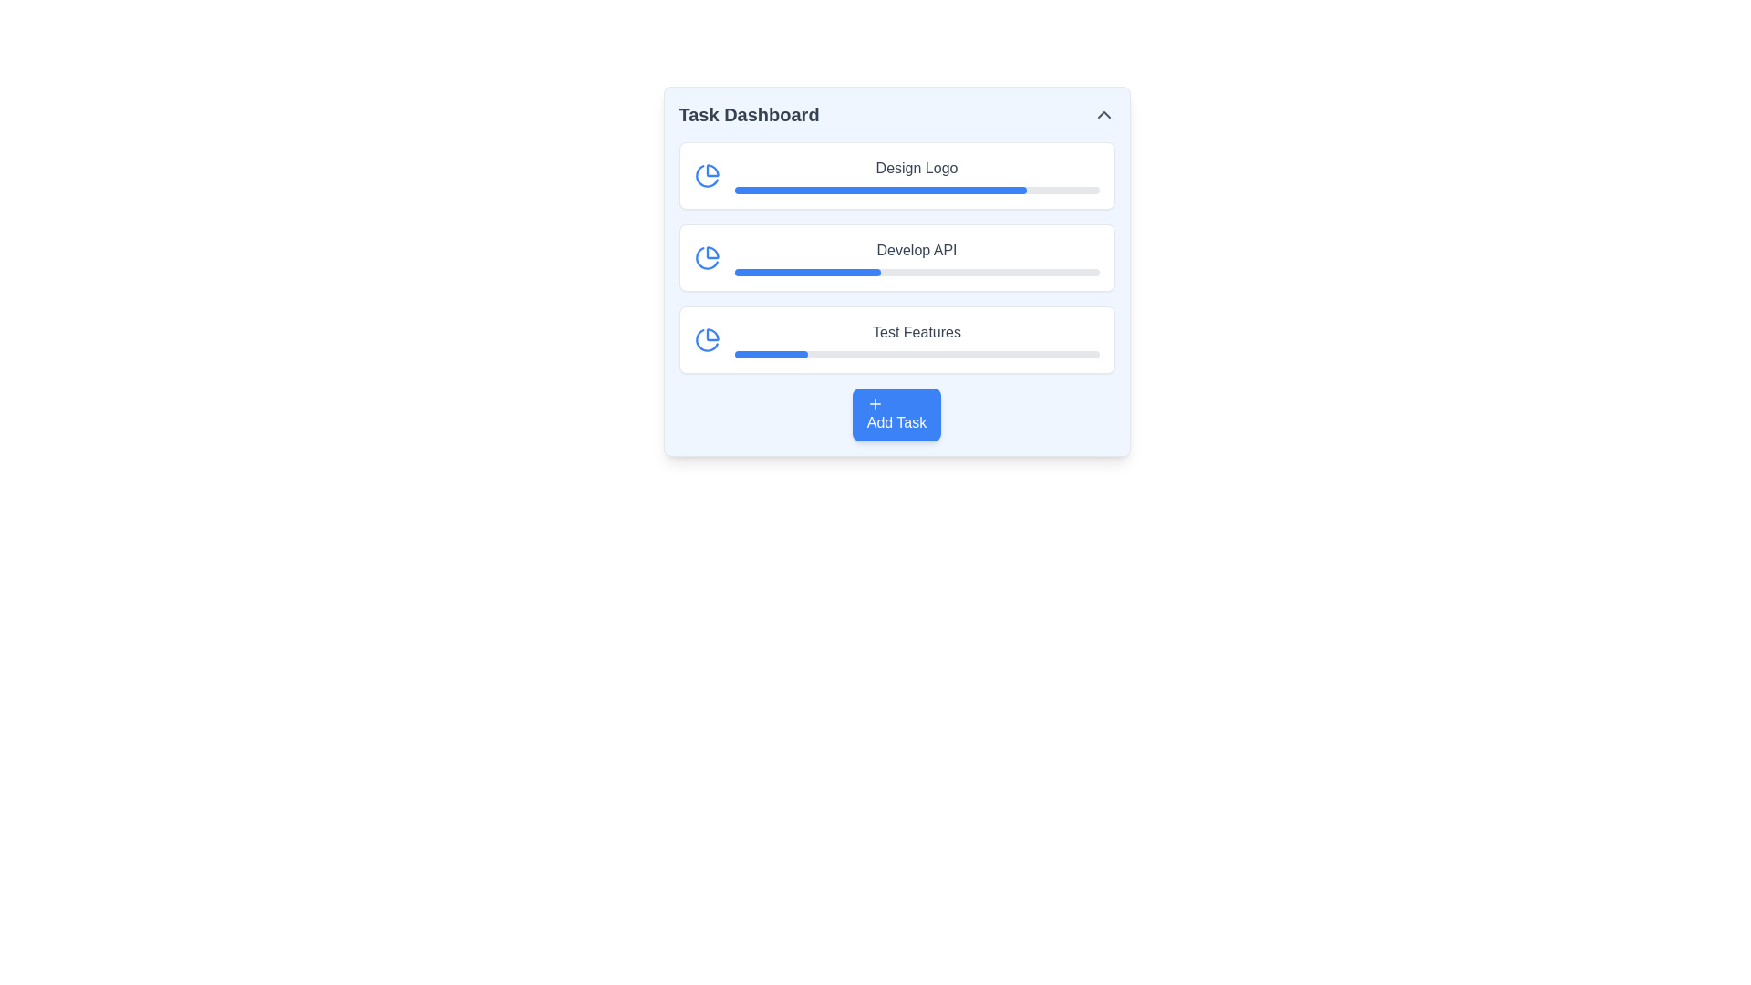  Describe the element at coordinates (896, 415) in the screenshot. I see `the 'Add Task' button located at the center of the 'Task Dashboard' card, which opens a form for inputting task details` at that location.